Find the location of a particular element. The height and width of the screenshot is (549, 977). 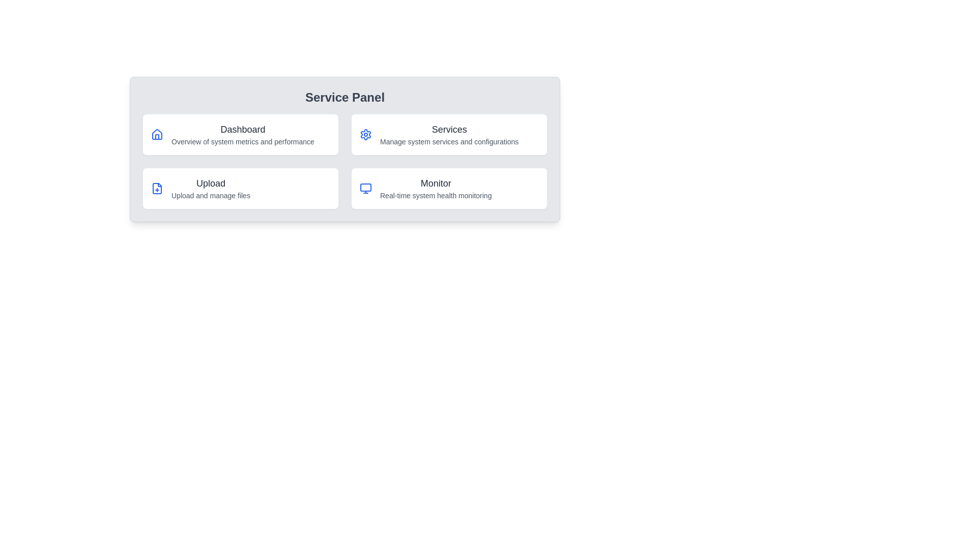

the 'Monitor' card in the Service Panel is located at coordinates (449, 188).